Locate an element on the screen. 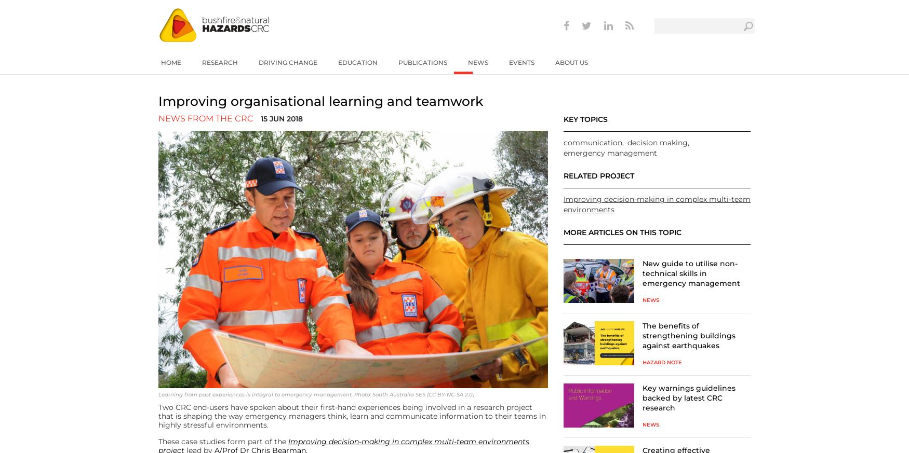  'More articles on this topic' is located at coordinates (564, 231).